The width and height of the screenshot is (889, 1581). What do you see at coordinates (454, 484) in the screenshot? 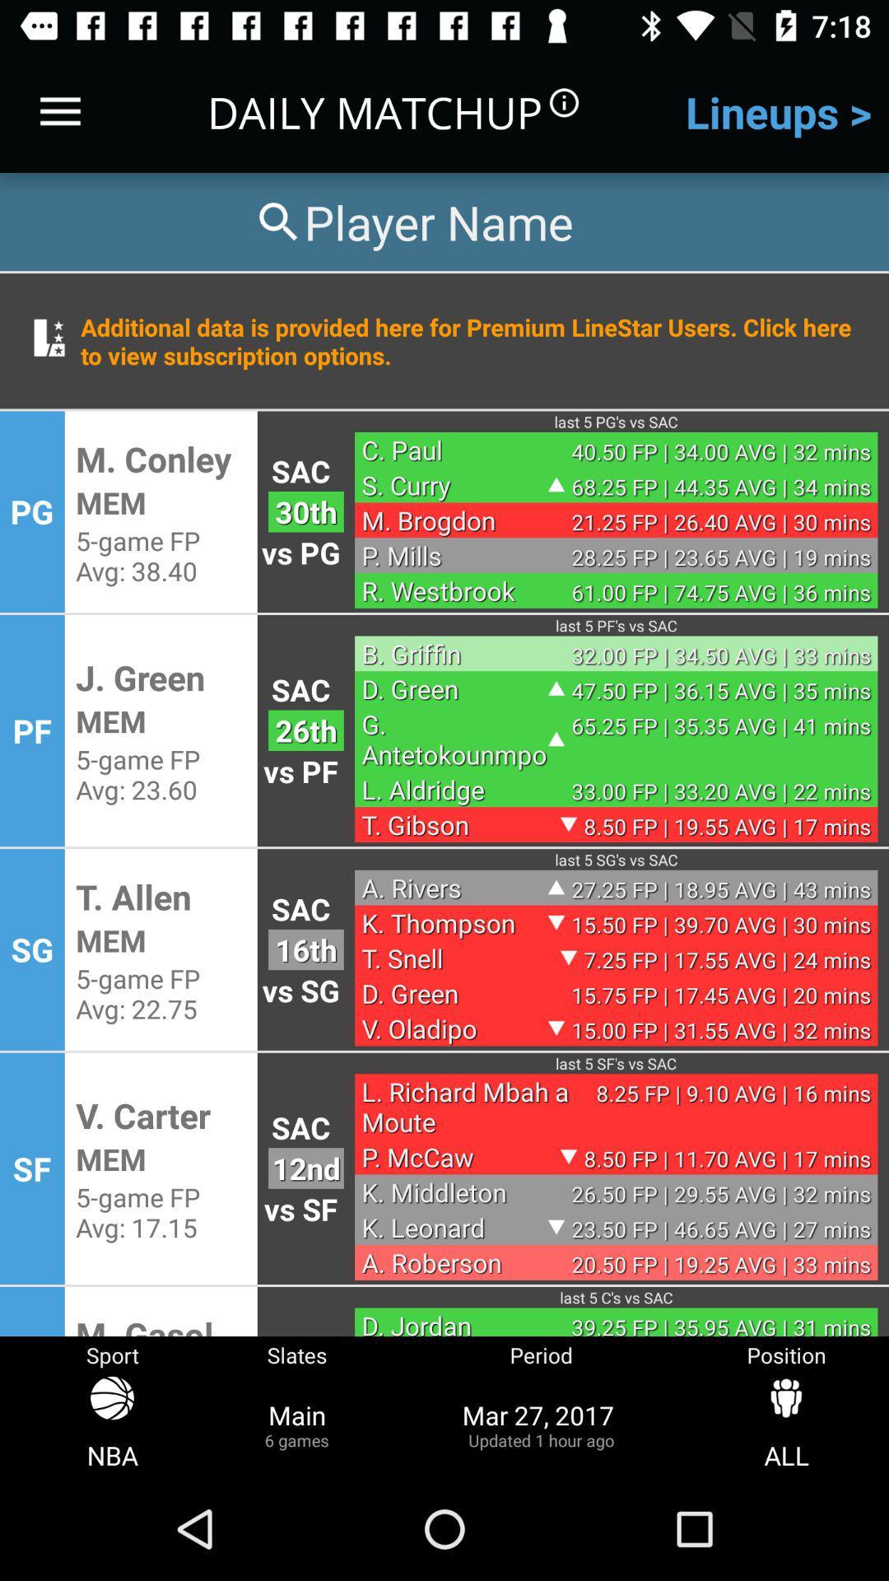
I see `the icon above the m. brogdon` at bounding box center [454, 484].